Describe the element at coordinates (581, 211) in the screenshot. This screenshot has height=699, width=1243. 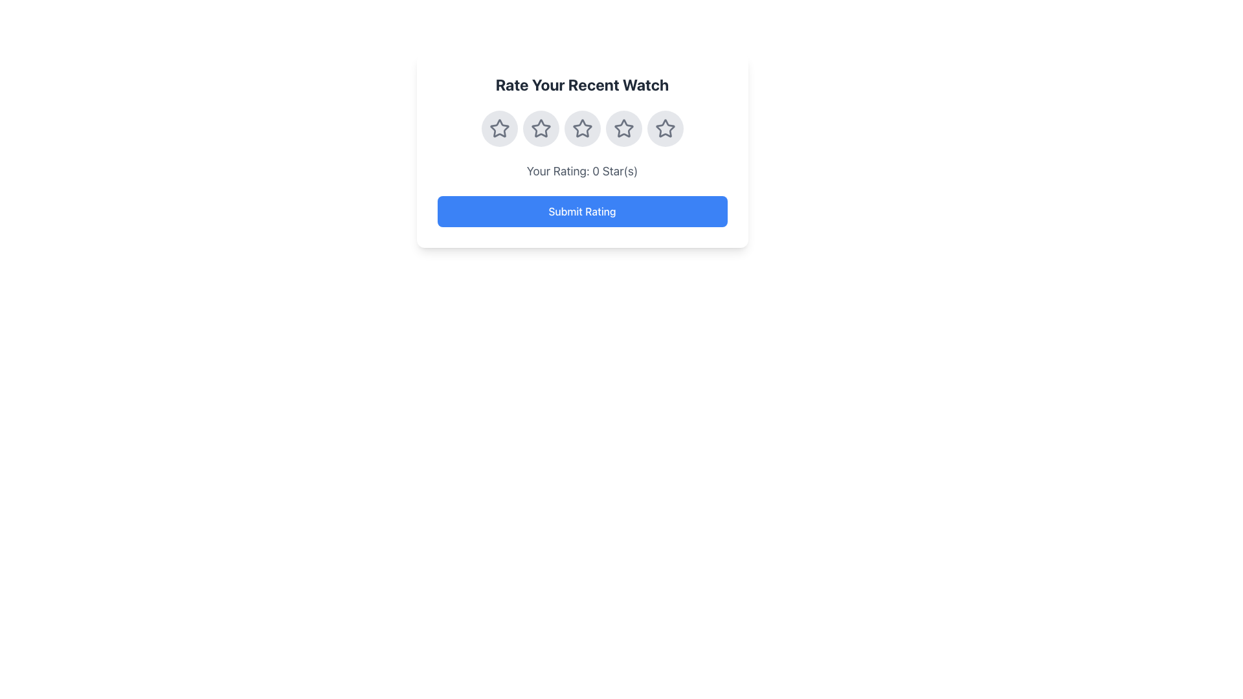
I see `the 'Submit Rating' button, which is a rectangular button with rounded corners and a bright blue background, to observe the background shade change` at that location.